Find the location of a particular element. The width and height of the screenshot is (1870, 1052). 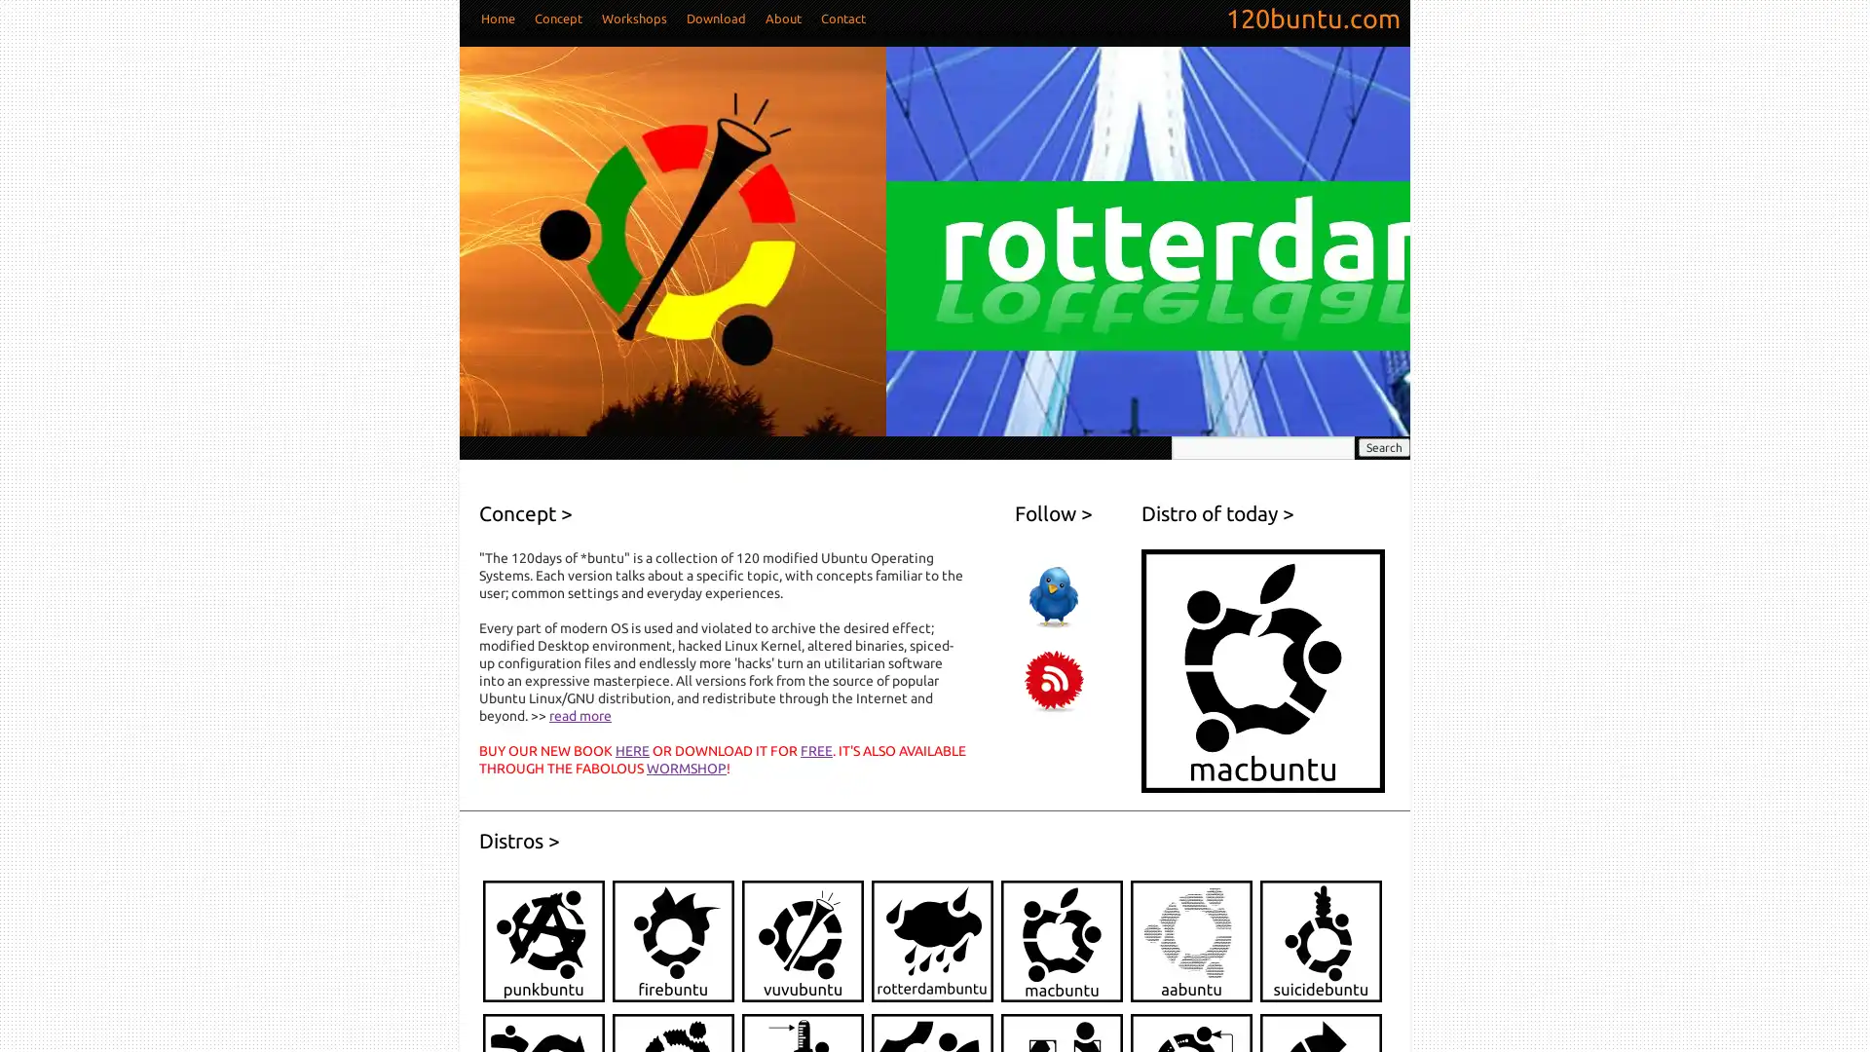

Search is located at coordinates (1383, 447).